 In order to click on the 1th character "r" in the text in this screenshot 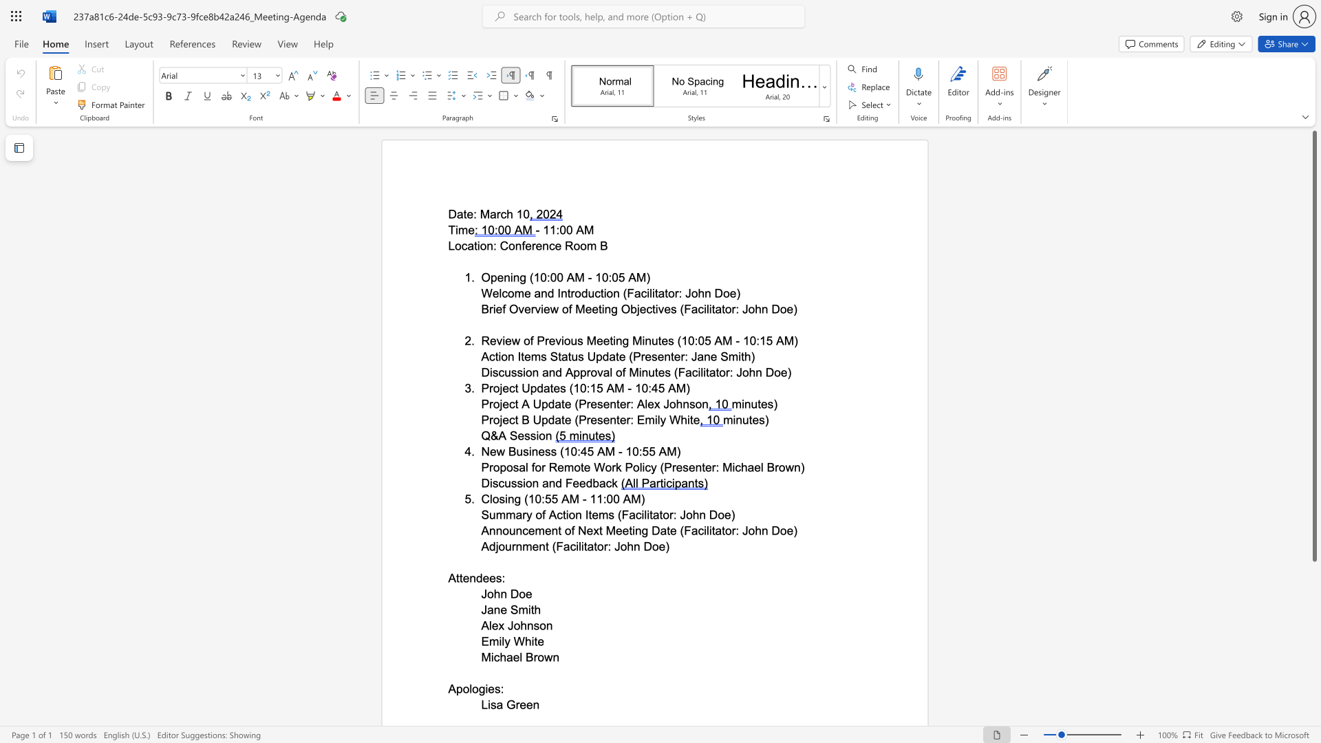, I will do `click(513, 546)`.